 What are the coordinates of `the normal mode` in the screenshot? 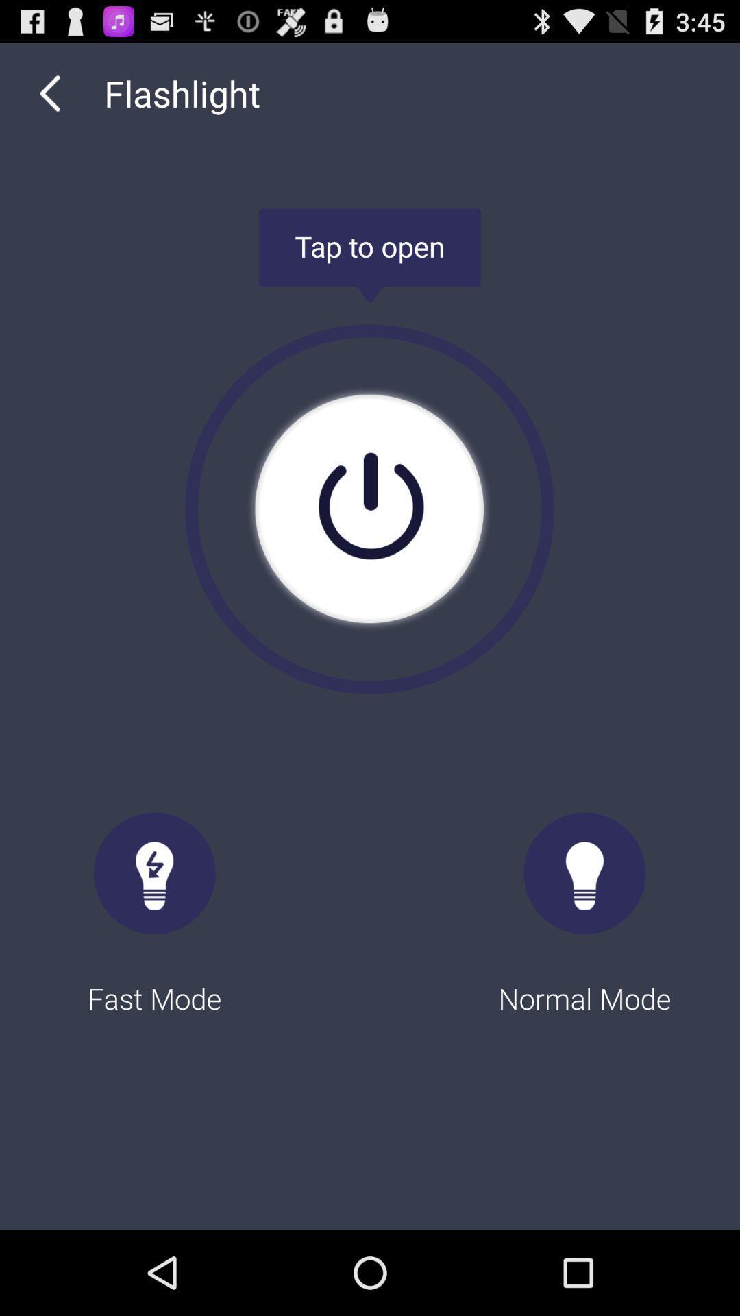 It's located at (584, 901).